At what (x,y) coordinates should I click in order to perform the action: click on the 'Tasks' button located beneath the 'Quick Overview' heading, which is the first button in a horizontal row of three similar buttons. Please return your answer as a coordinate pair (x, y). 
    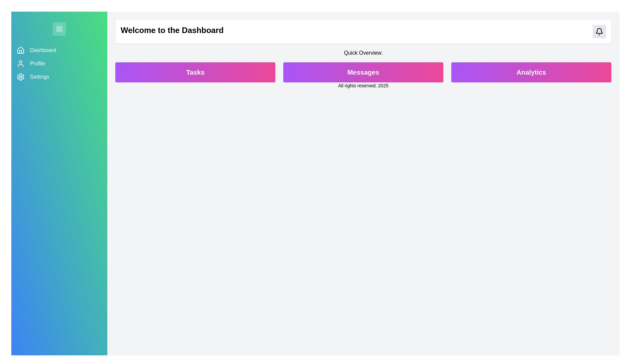
    Looking at the image, I should click on (195, 72).